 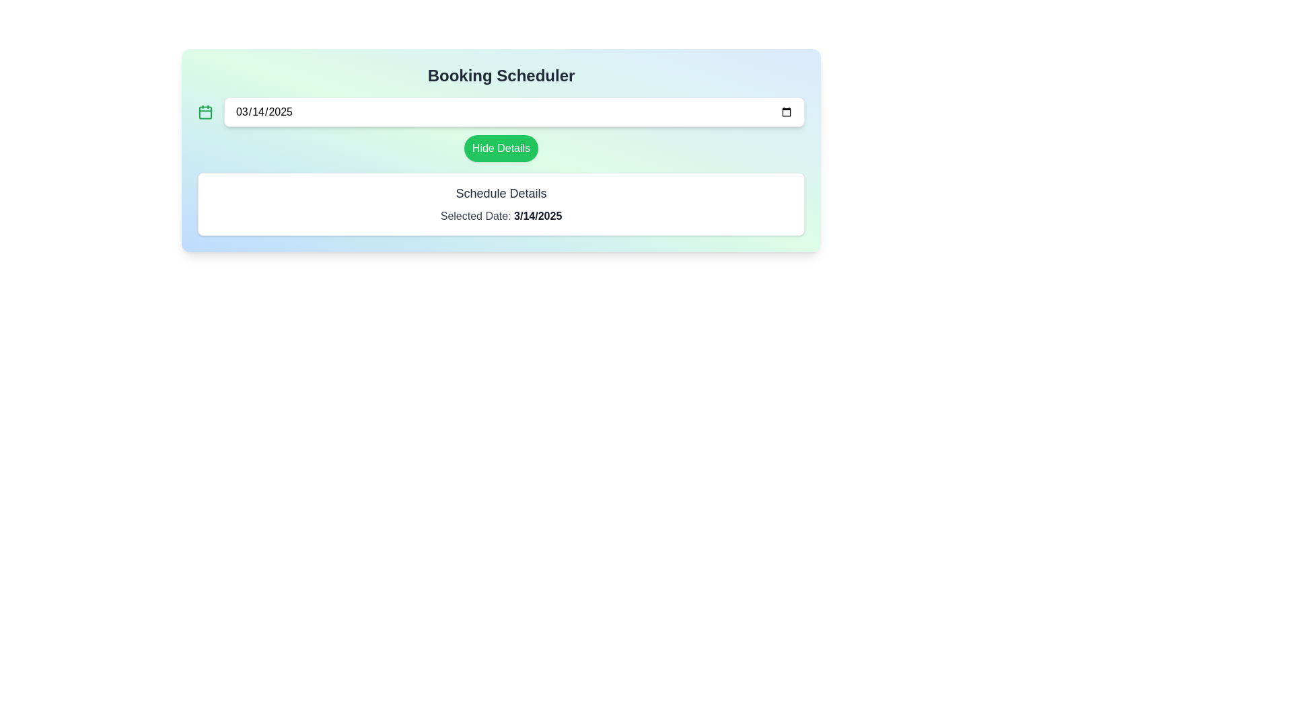 I want to click on displayed date '3/14/2025' from the Text Display located in the 'Schedule Details' section, so click(x=537, y=215).